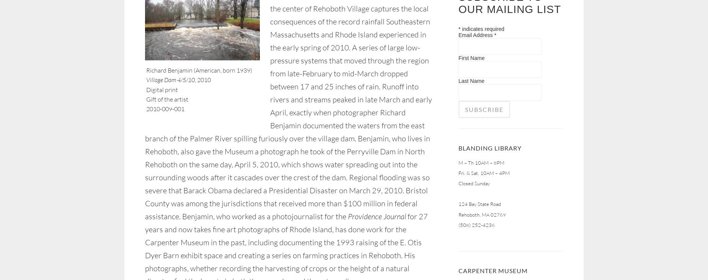  Describe the element at coordinates (170, 79) in the screenshot. I see `'Village Dam 4/5/10'` at that location.